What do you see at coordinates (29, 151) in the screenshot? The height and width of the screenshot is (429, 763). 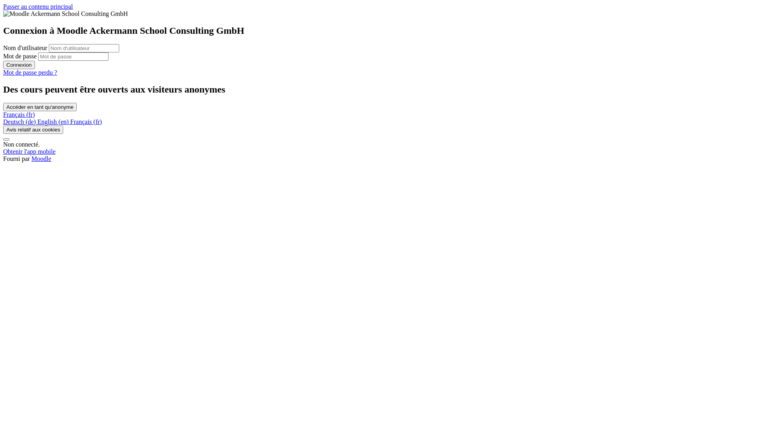 I see `'Obtenir l'app mobile'` at bounding box center [29, 151].